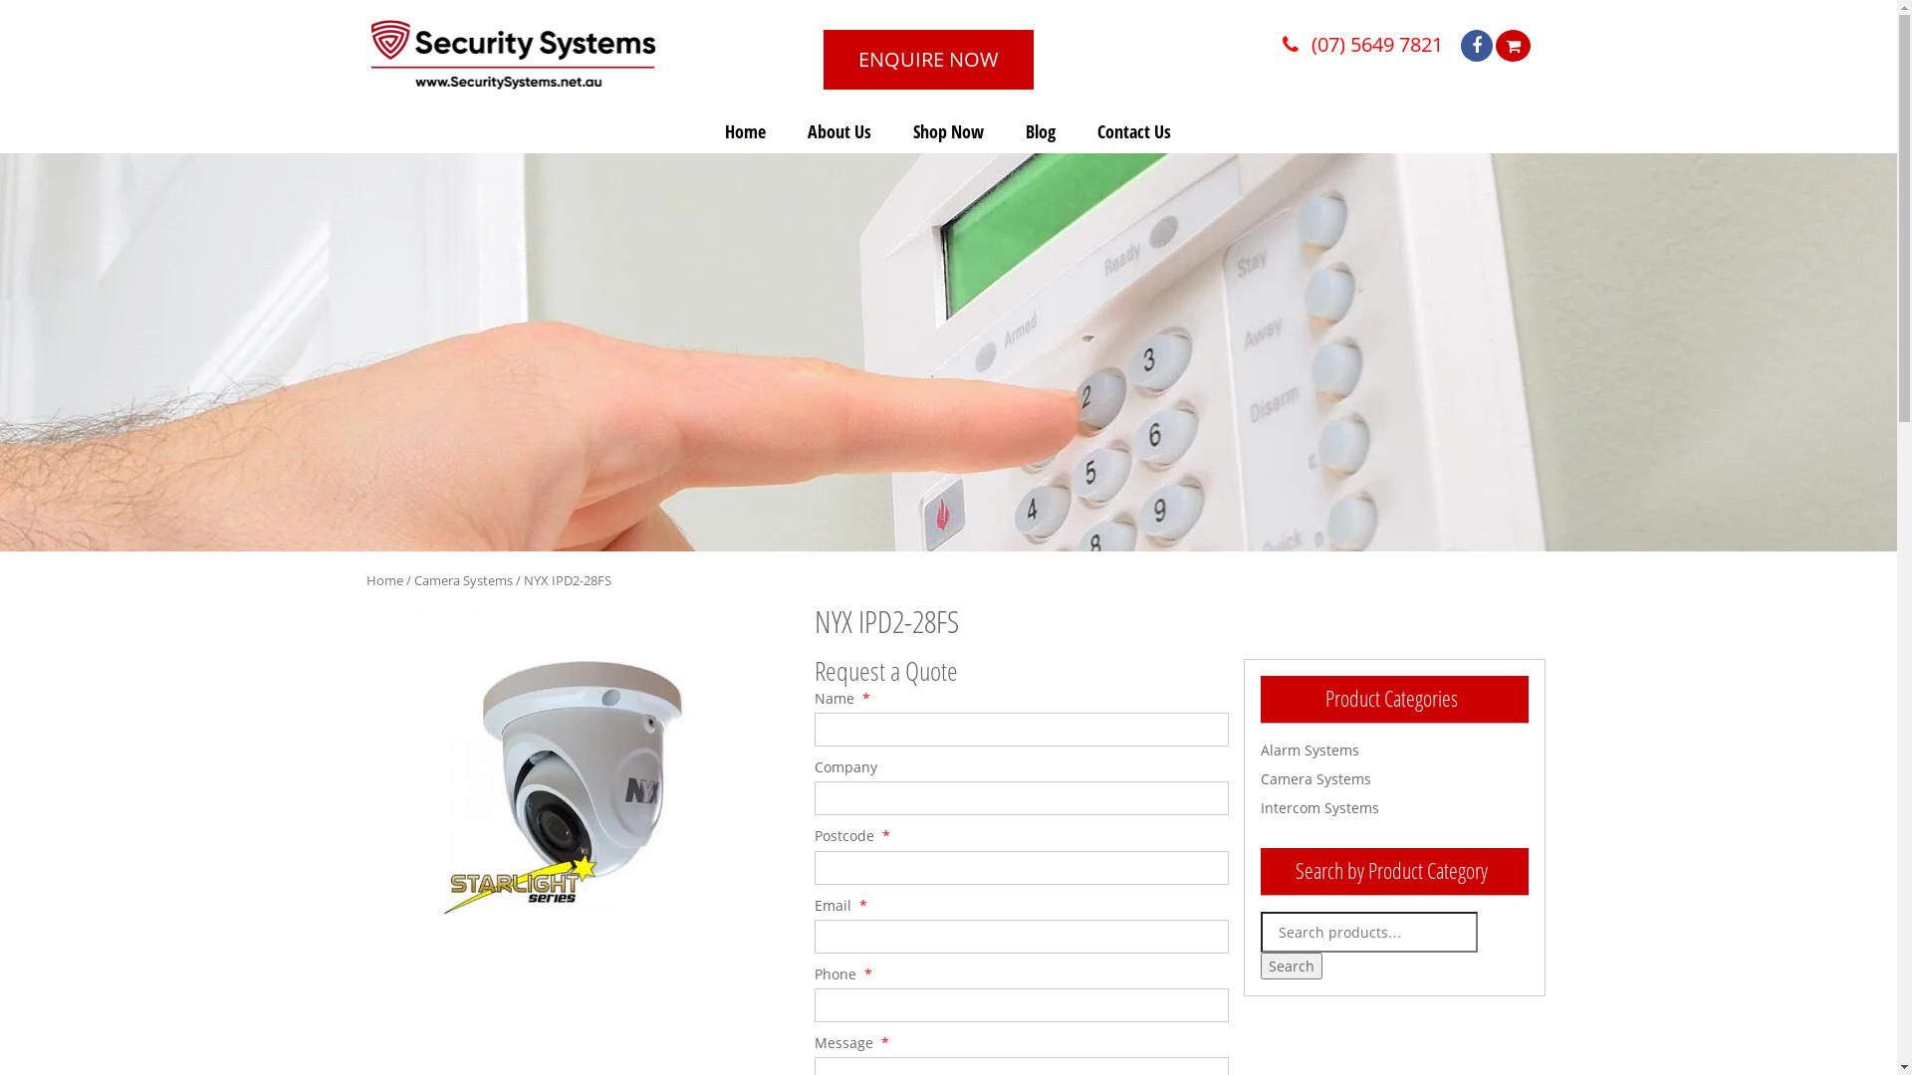 This screenshot has width=1912, height=1075. What do you see at coordinates (1295, 44) in the screenshot?
I see `'(07) 5649 7821'` at bounding box center [1295, 44].